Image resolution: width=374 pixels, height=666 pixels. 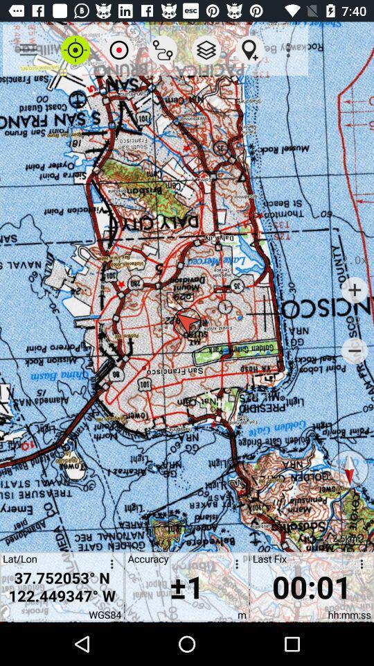 What do you see at coordinates (233, 566) in the screenshot?
I see `open accuracy options` at bounding box center [233, 566].